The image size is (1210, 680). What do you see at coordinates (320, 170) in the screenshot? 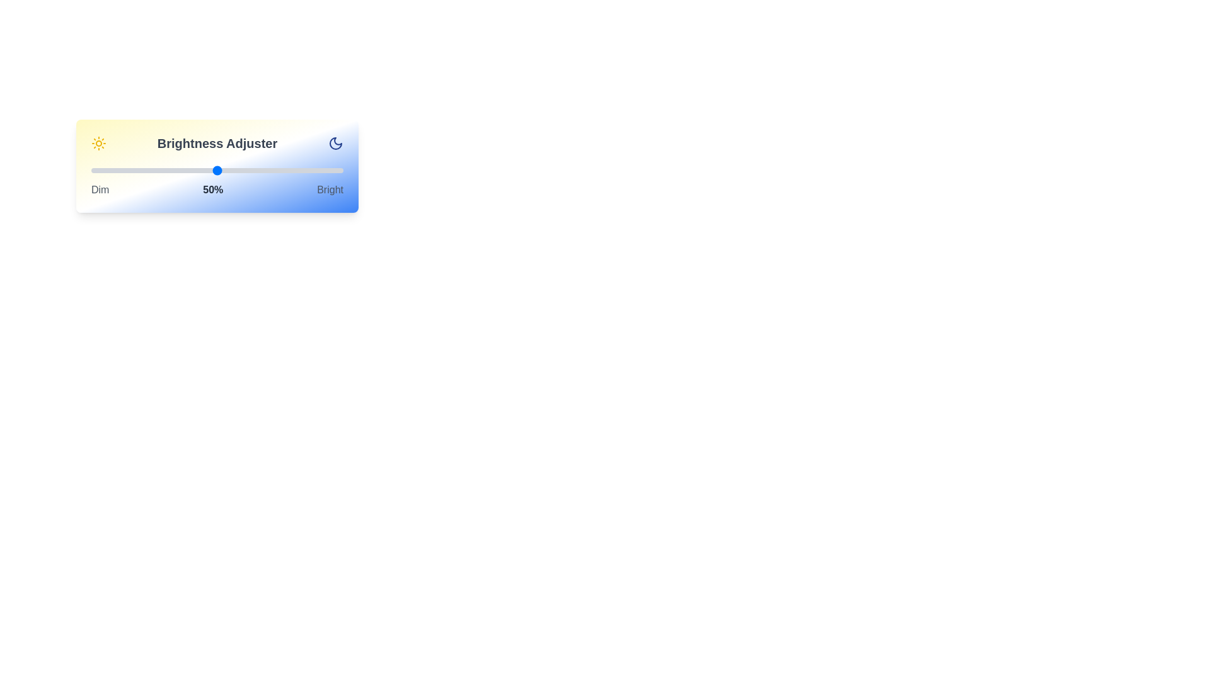
I see `the brightness slider to 91% to observe the gradient background changes` at bounding box center [320, 170].